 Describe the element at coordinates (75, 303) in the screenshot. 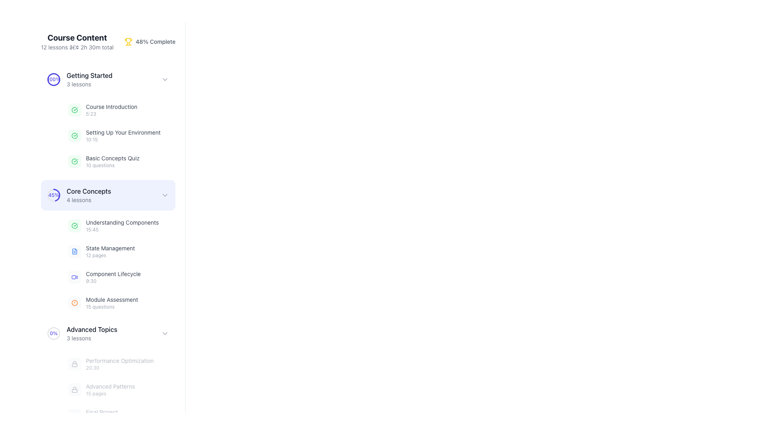

I see `the small icon with a rounded light gray background featuring an orange circular alert graphic, located to the left of the text 'Module Assessment' and '15 questions'` at that location.